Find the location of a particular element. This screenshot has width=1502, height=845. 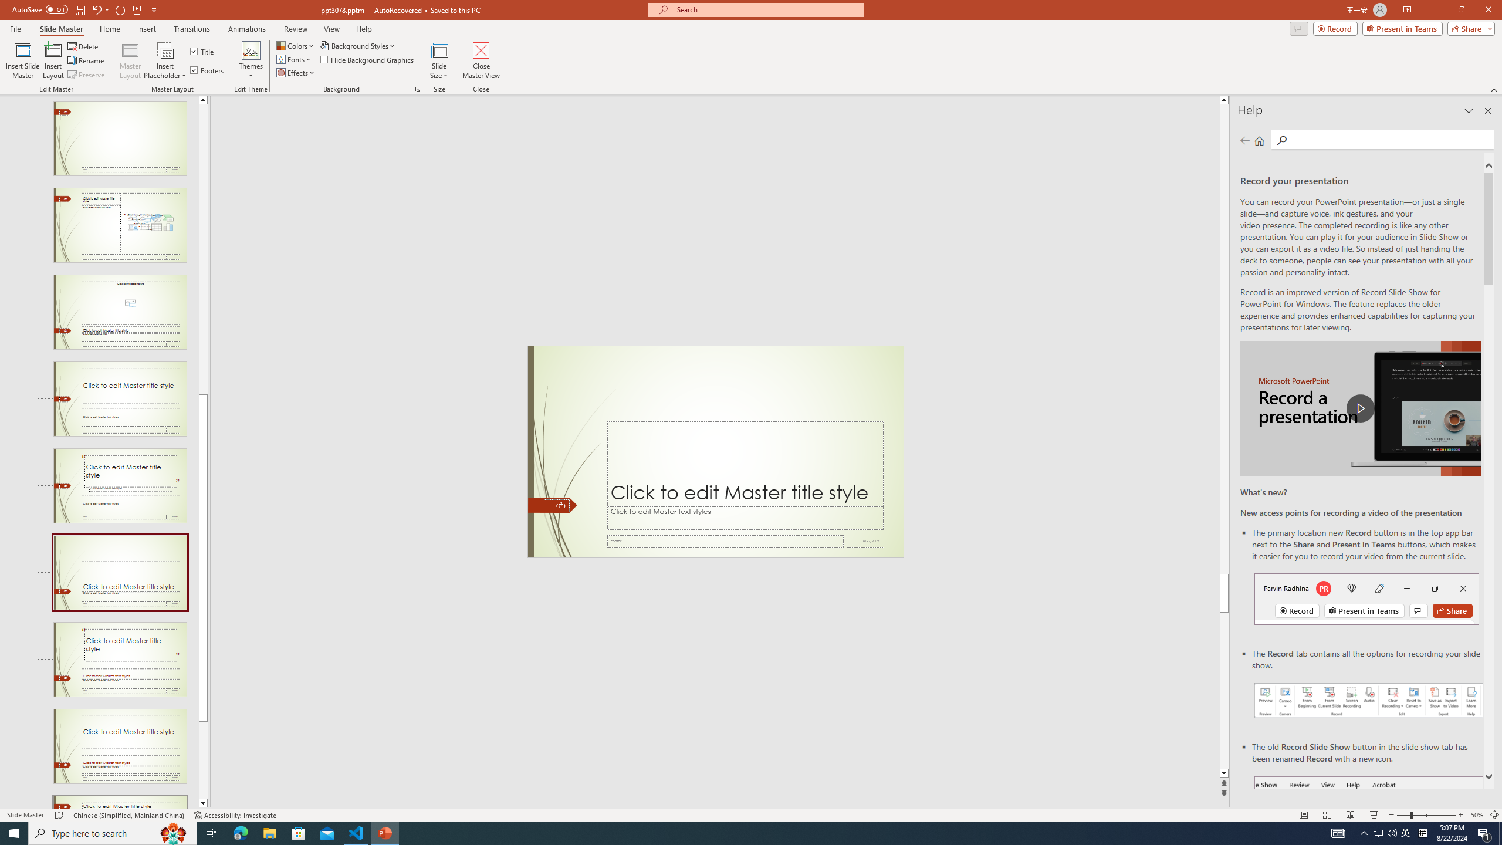

'Insert Layout' is located at coordinates (52, 60).